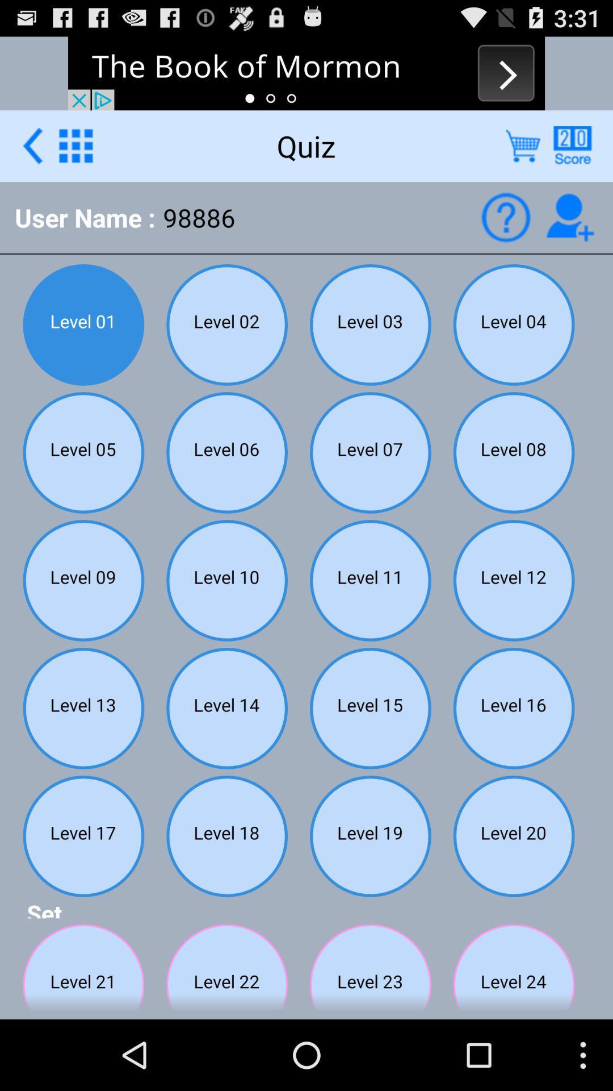 The width and height of the screenshot is (613, 1091). Describe the element at coordinates (75, 145) in the screenshot. I see `customize` at that location.